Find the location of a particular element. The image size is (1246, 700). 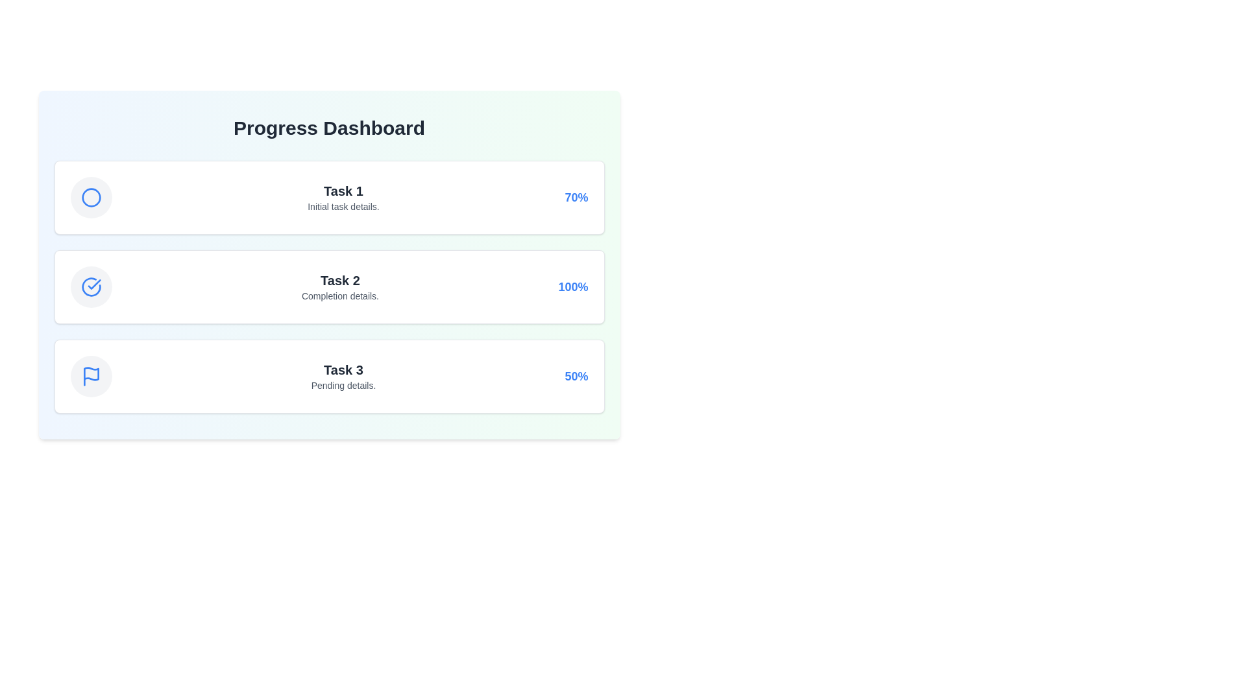

text of the Text block displaying title 'Task 2' and subtitle 'Completion details.' which is styled in bold and lighter font, located in the middle of three task containers is located at coordinates (340, 286).